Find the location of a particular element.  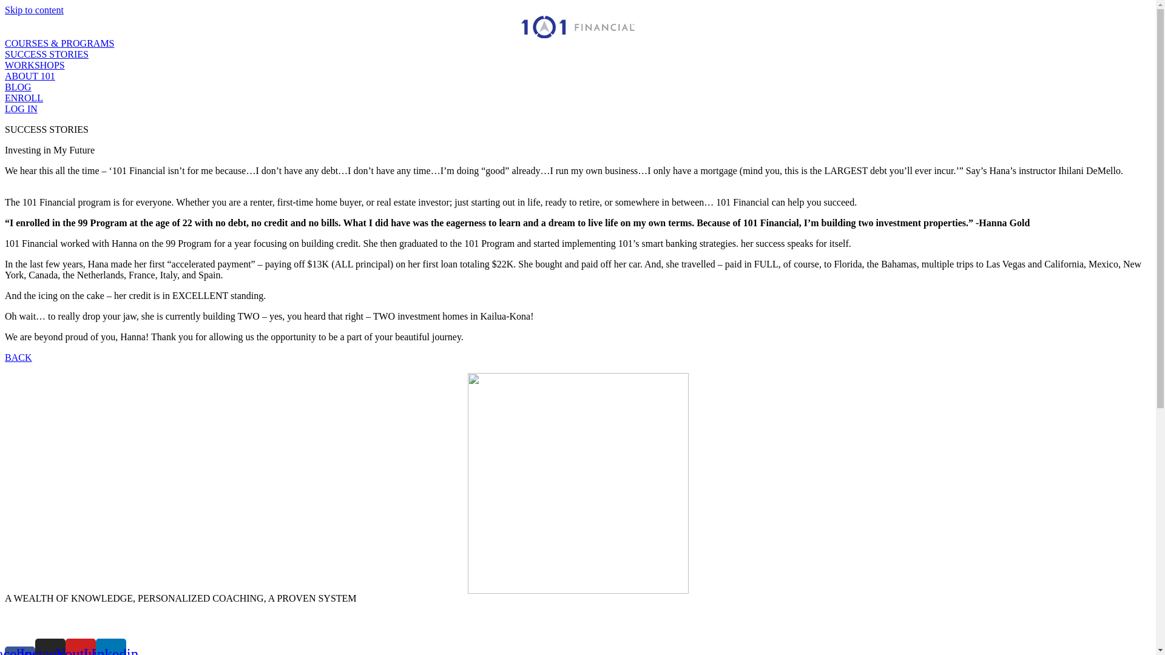

'SUCCESS STORIES' is located at coordinates (46, 53).